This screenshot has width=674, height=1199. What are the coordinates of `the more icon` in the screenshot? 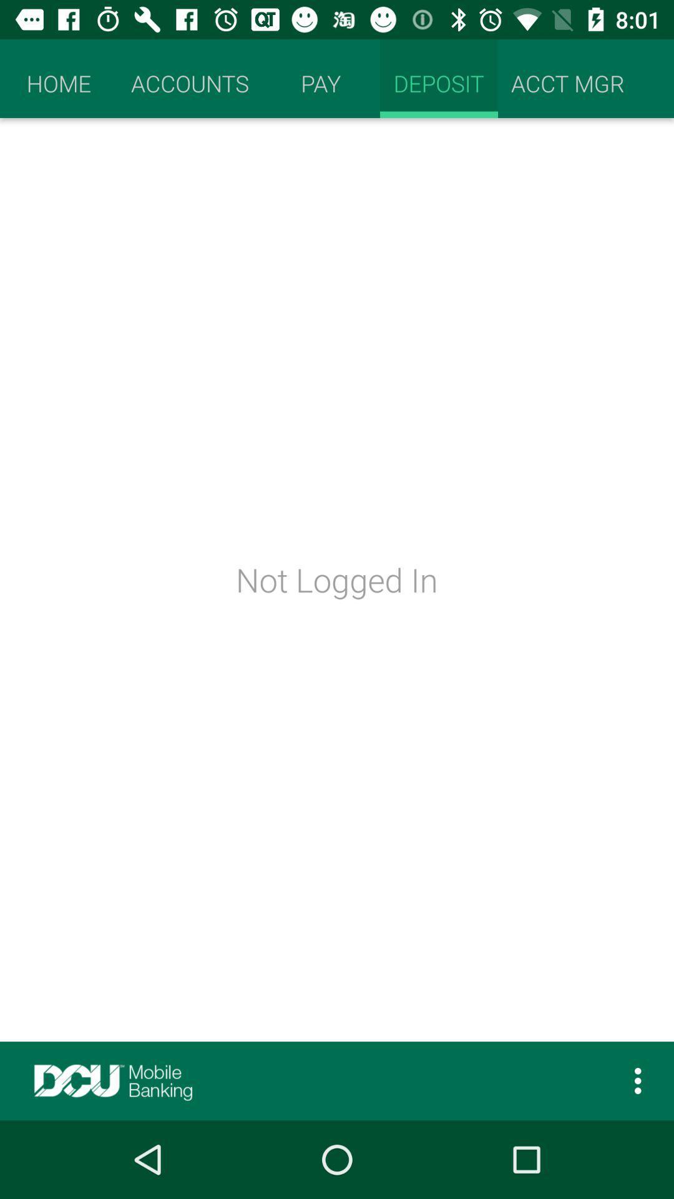 It's located at (601, 1048).